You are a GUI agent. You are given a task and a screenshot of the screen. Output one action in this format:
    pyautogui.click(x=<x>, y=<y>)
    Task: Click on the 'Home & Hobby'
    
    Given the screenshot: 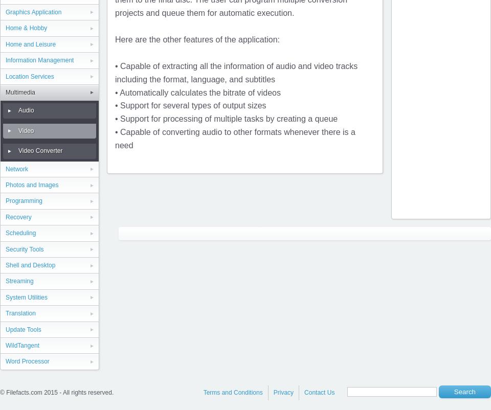 What is the action you would take?
    pyautogui.click(x=26, y=28)
    